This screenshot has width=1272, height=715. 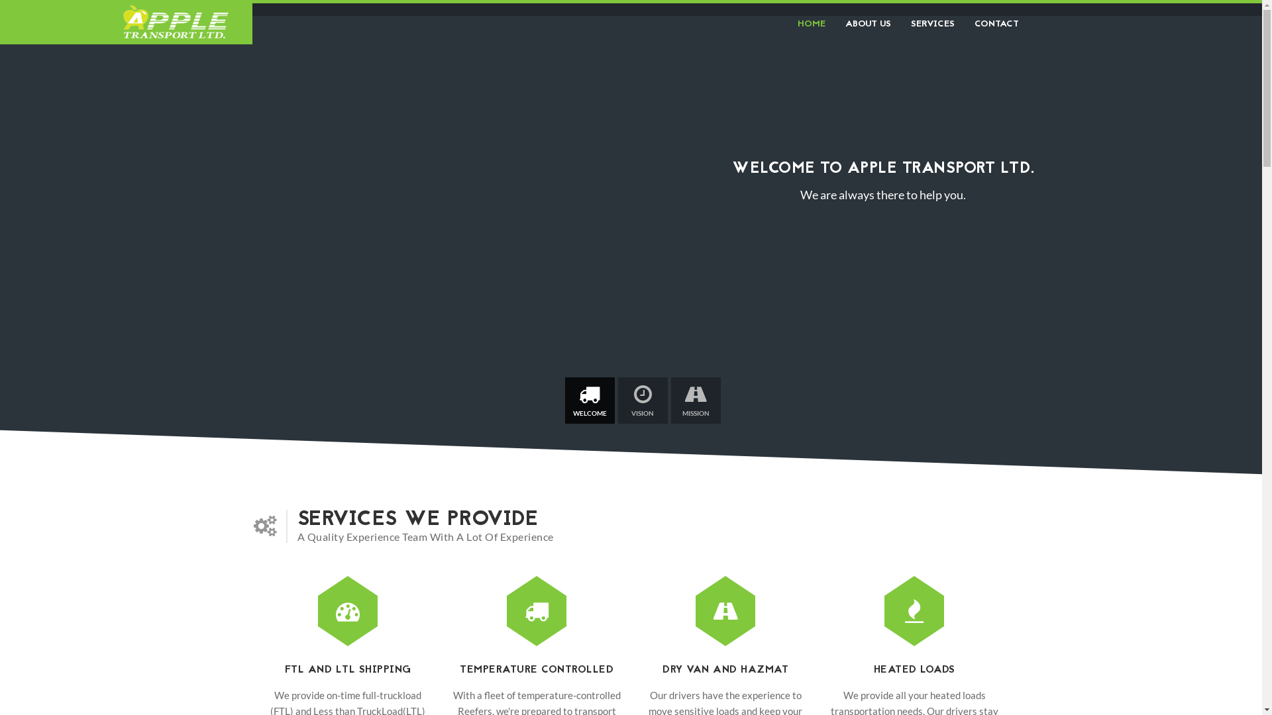 I want to click on 'HOME', so click(x=787, y=23).